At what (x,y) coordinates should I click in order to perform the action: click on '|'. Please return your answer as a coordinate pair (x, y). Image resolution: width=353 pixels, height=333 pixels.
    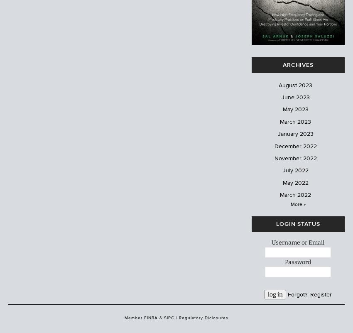
    Looking at the image, I should click on (176, 317).